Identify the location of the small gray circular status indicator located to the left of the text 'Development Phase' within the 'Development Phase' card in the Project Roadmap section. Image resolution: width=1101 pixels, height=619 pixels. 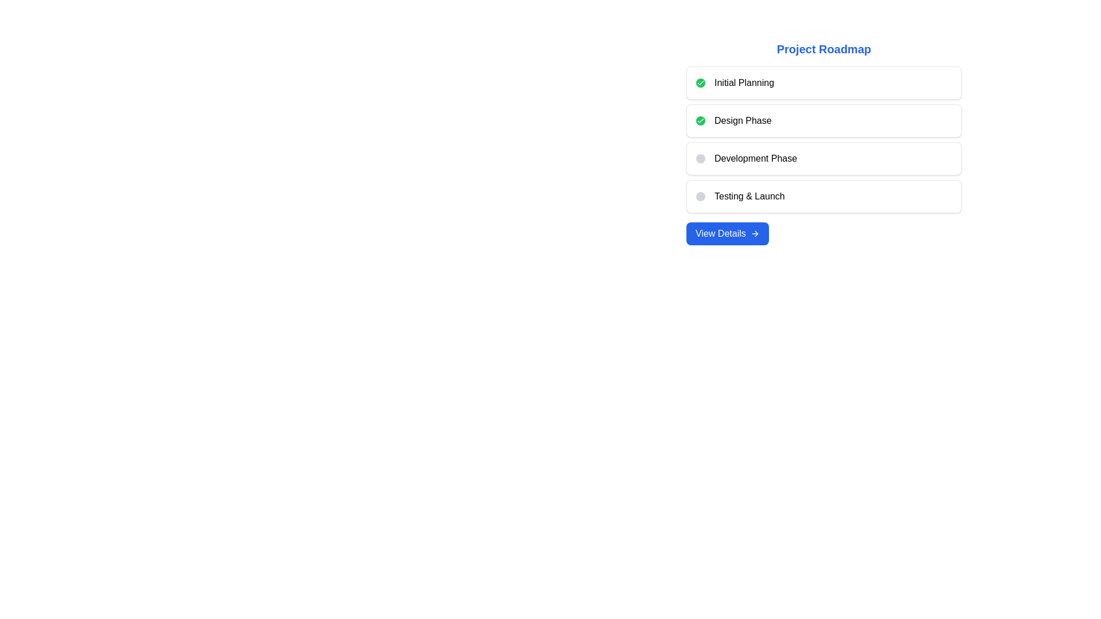
(700, 159).